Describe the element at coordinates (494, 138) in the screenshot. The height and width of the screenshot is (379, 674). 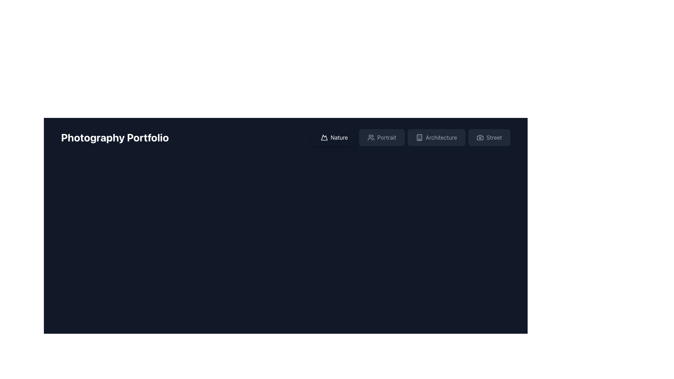
I see `the 'Street' label in the fourth column of the horizontal navigation bar` at that location.